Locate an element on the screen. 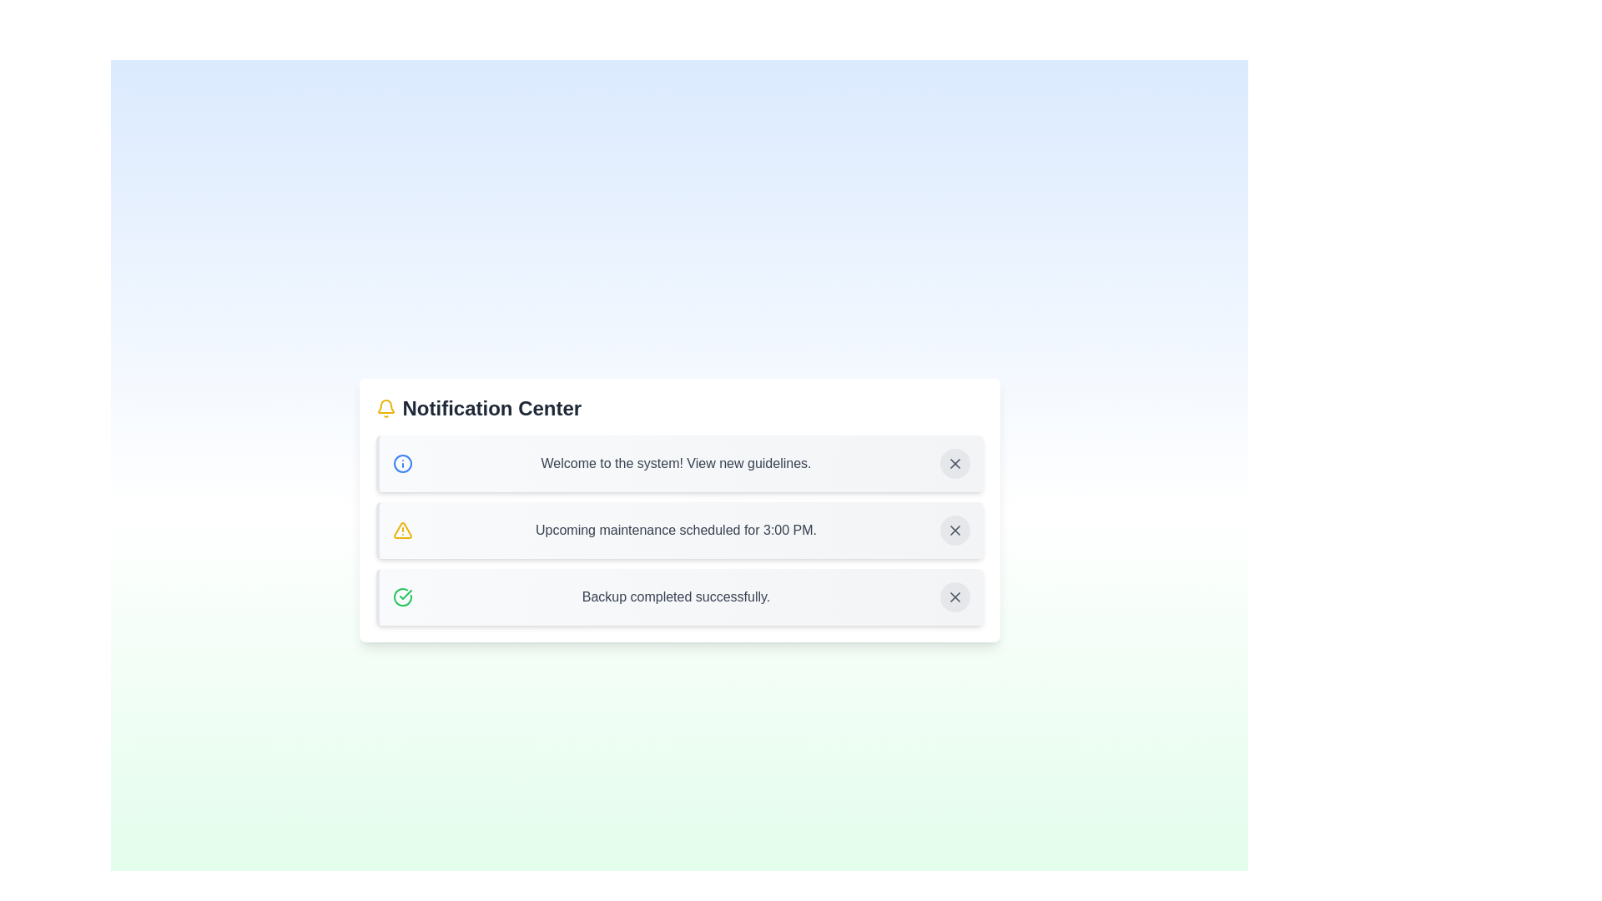  the close button styled as an 'X' located to the right of the notification message 'Upcoming maintenance scheduled for 3:00 PM.' in the Notification Center is located at coordinates (955, 531).